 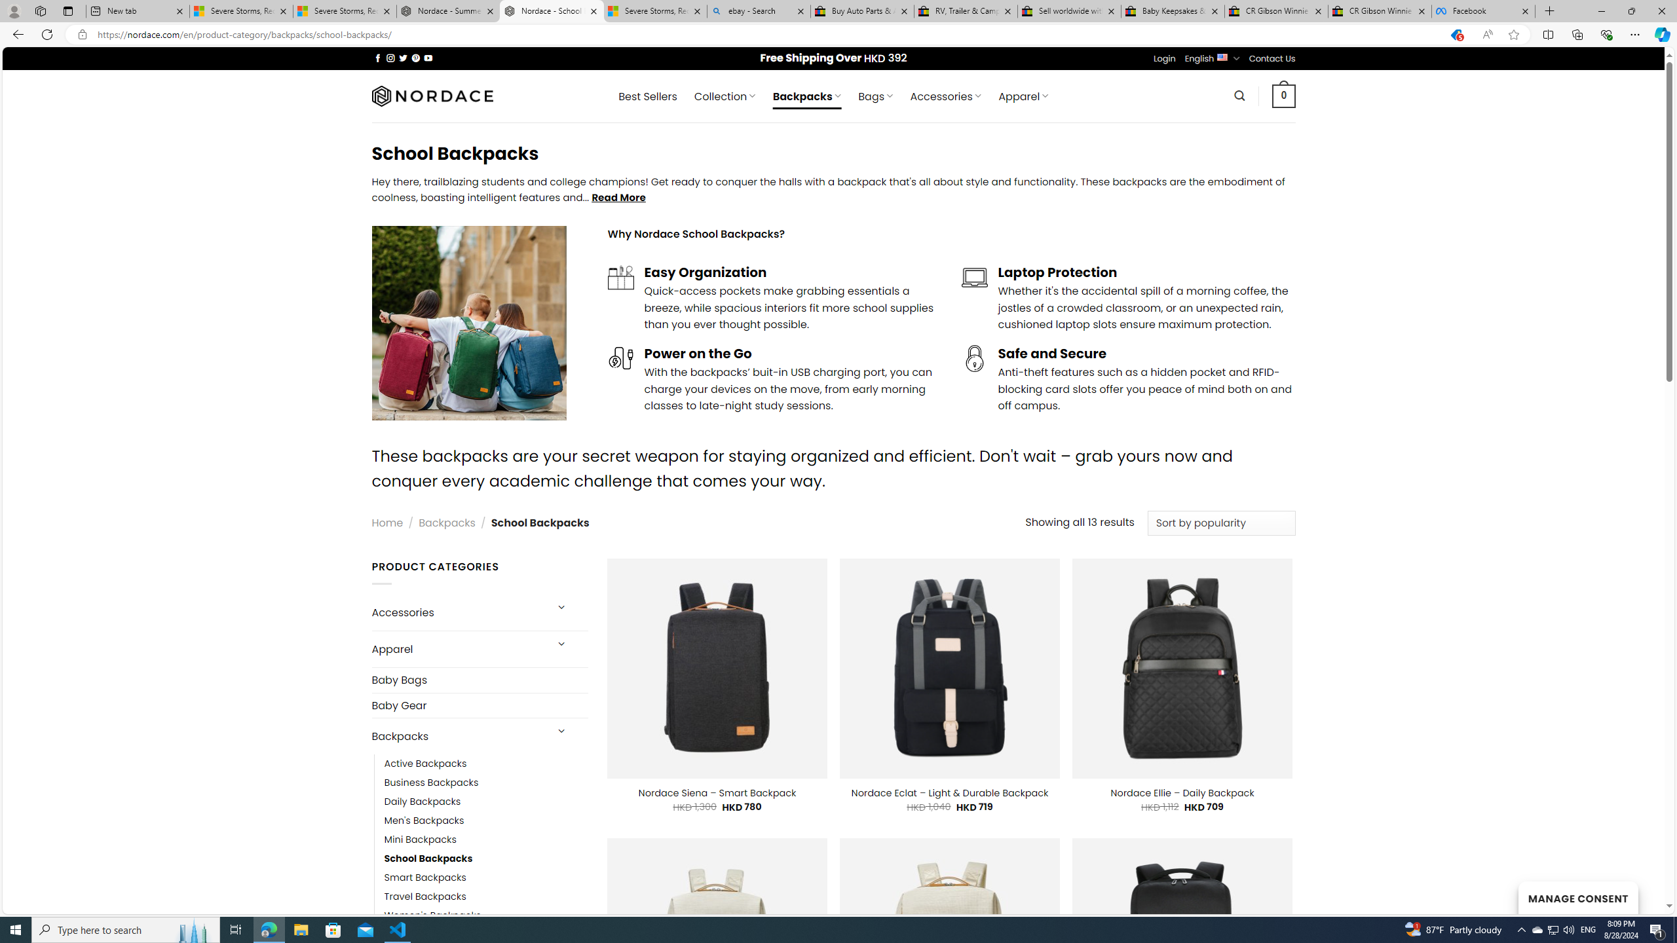 What do you see at coordinates (425, 764) in the screenshot?
I see `'Active Backpacks'` at bounding box center [425, 764].